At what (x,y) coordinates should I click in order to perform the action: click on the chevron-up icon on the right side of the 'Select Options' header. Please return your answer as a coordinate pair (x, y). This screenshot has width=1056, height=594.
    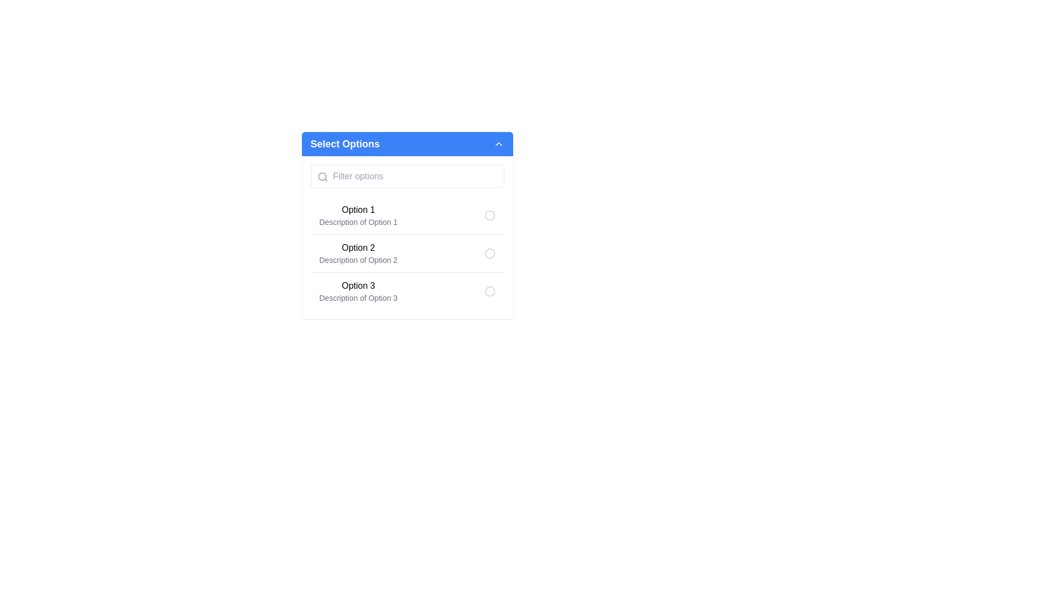
    Looking at the image, I should click on (498, 144).